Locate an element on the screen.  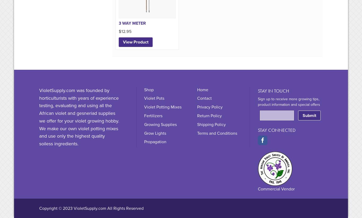
'Propagation' is located at coordinates (155, 142).